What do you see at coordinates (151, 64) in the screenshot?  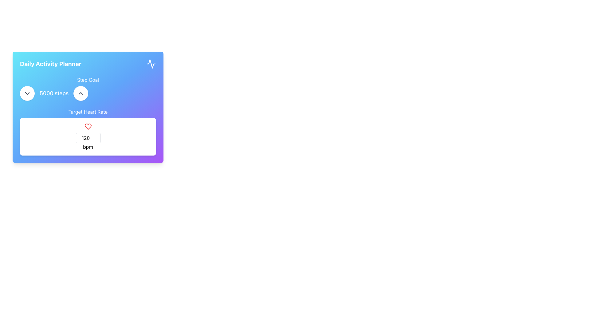 I see `the decorative activity monitoring icon located at the top-right corner of the 'Daily Activity Planner' card` at bounding box center [151, 64].